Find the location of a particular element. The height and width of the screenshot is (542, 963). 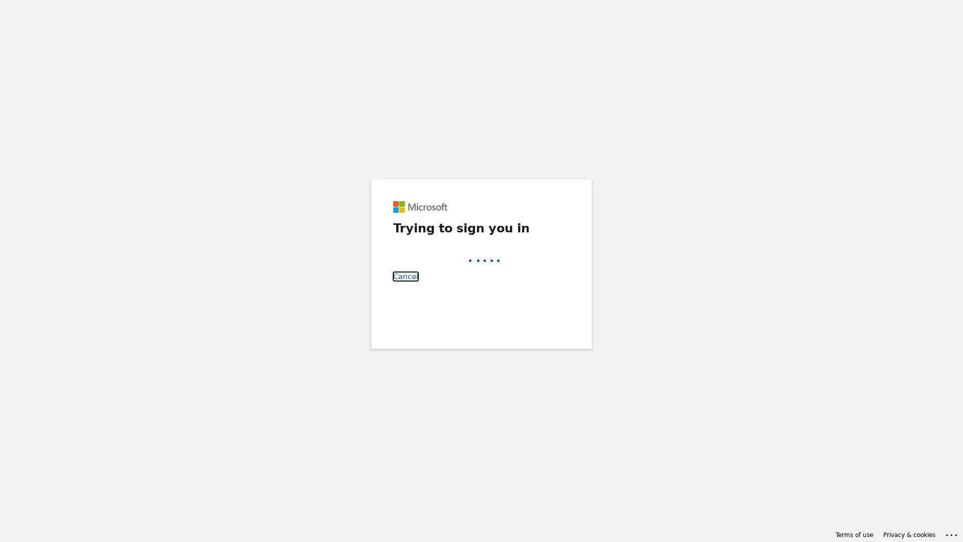

Sign-in options is located at coordinates (481, 353).